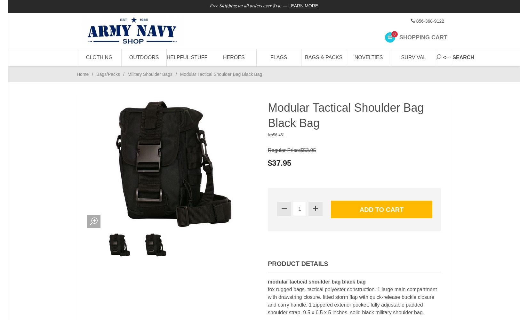  What do you see at coordinates (305, 57) in the screenshot?
I see `'Bags & Packs'` at bounding box center [305, 57].